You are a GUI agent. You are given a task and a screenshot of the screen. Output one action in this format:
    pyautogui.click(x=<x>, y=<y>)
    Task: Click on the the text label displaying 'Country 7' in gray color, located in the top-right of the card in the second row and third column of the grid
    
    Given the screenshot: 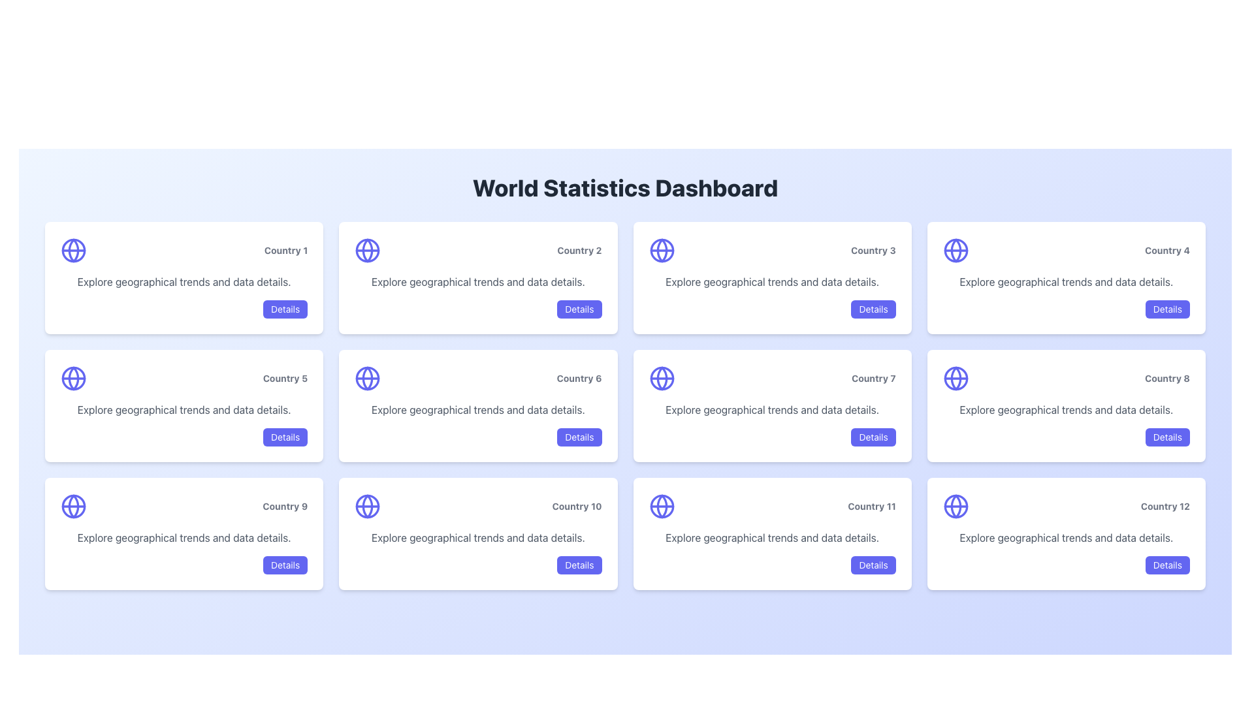 What is the action you would take?
    pyautogui.click(x=873, y=378)
    